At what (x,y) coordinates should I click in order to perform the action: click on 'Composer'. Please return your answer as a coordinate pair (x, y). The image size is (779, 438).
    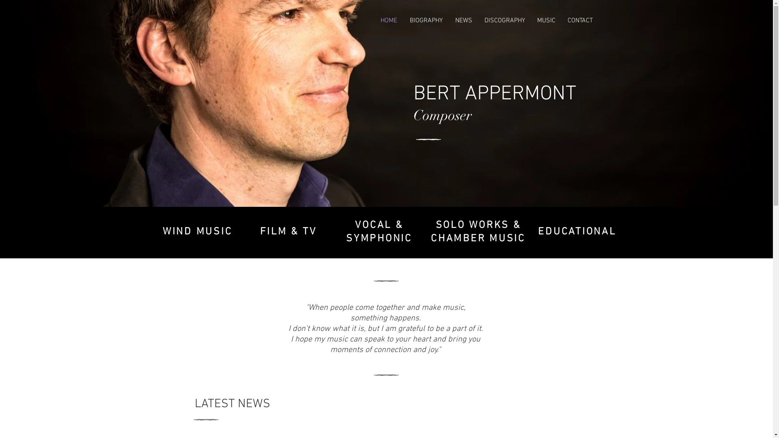
    Looking at the image, I should click on (441, 116).